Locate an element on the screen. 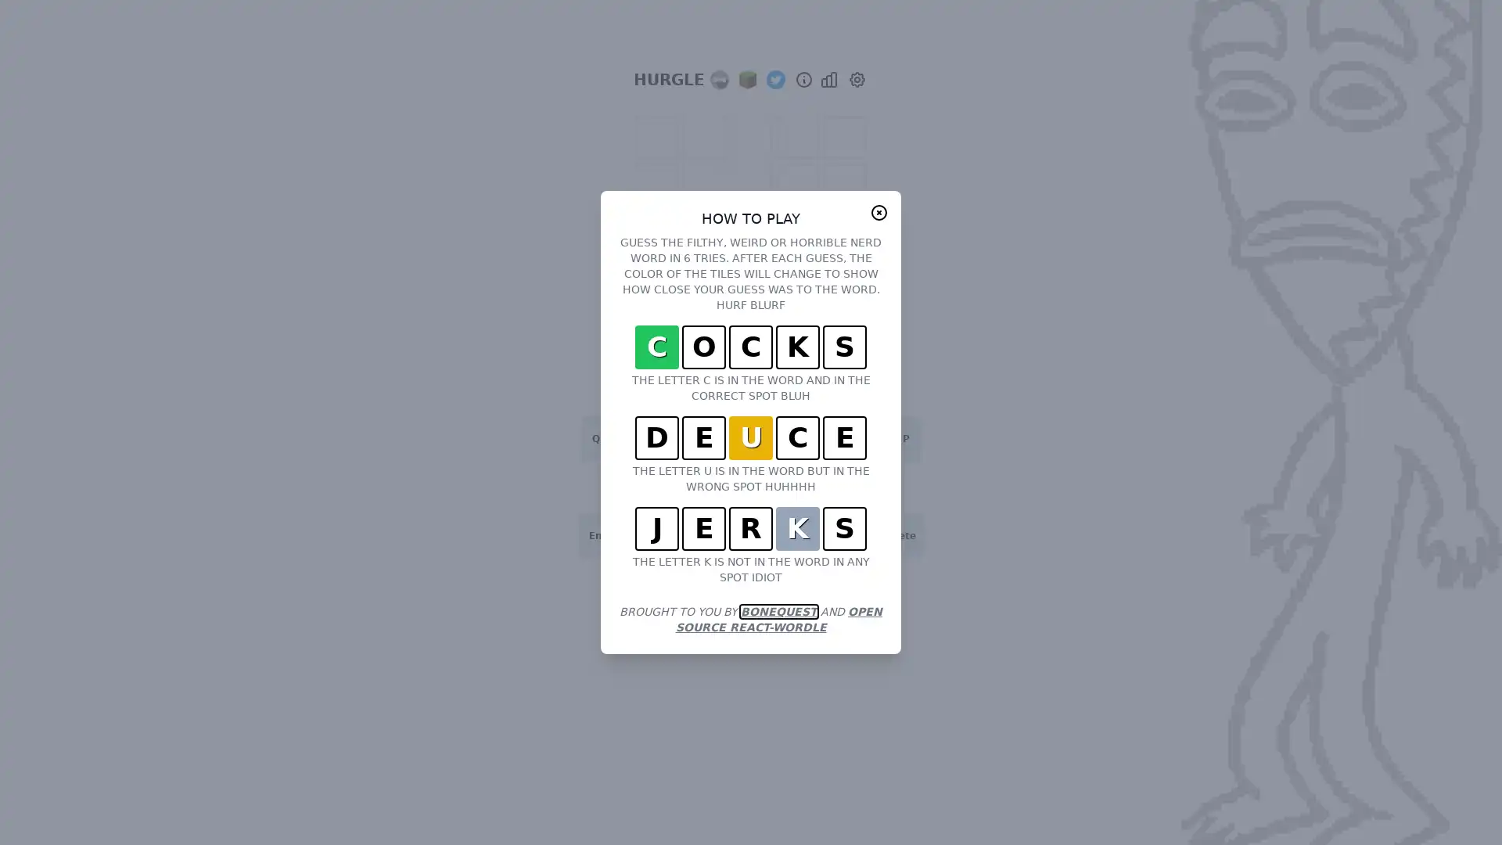 The height and width of the screenshot is (845, 1502). L is located at coordinates (889, 487).